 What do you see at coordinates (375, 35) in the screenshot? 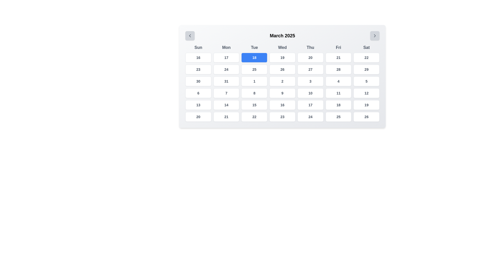
I see `the navigation button with a right-pointing chevron, styled with a rounded gray background` at bounding box center [375, 35].